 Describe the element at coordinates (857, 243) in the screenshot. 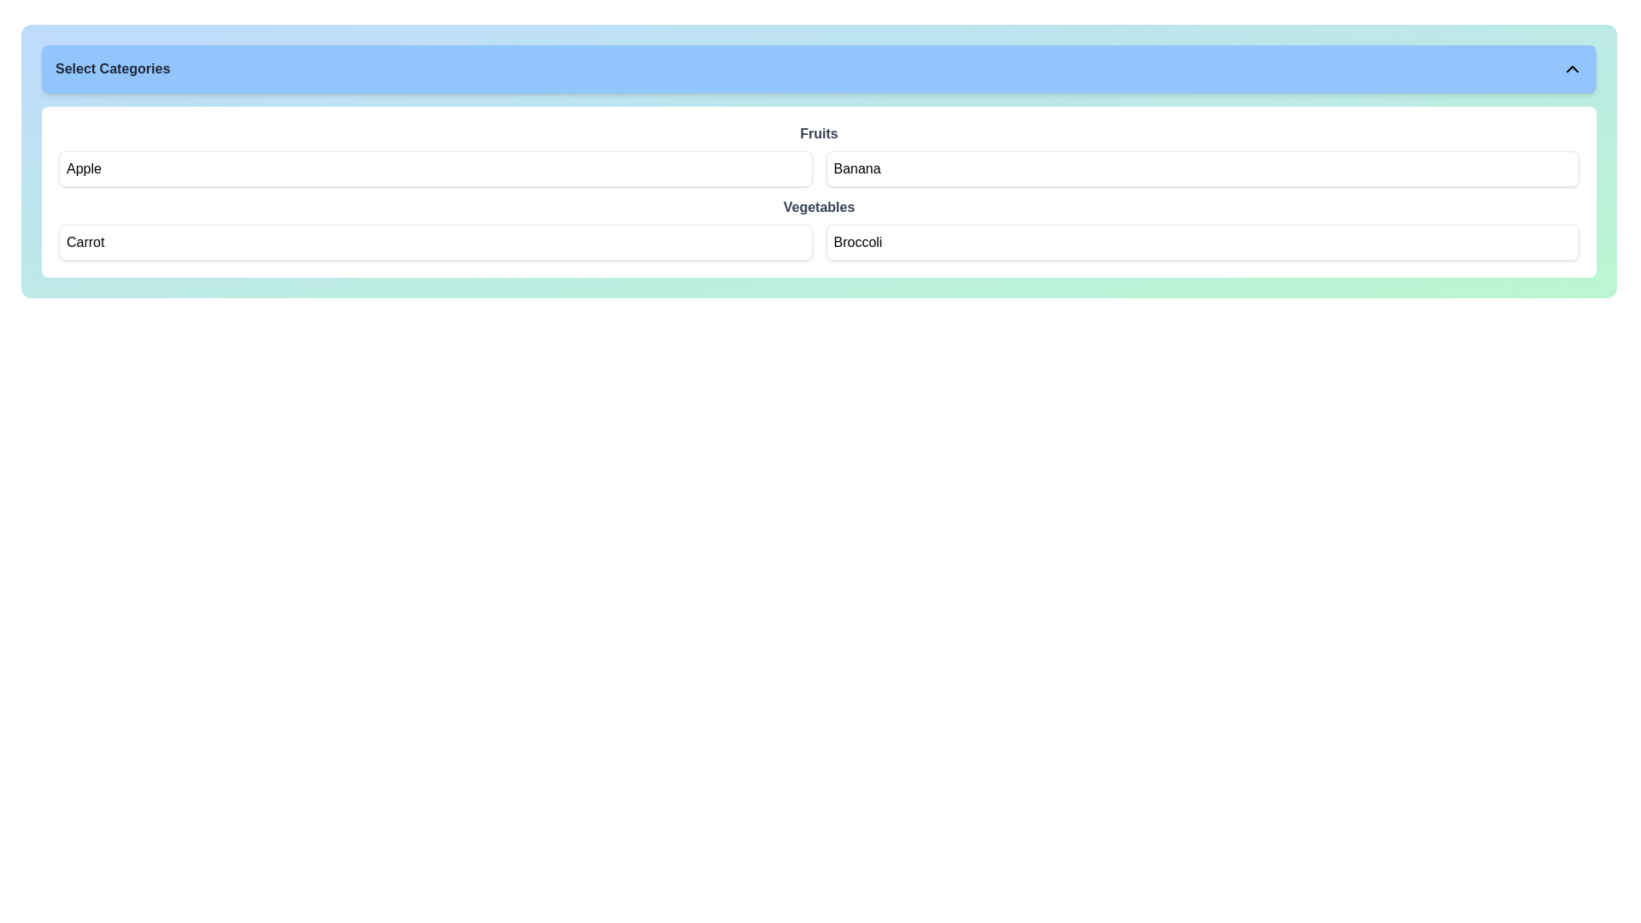

I see `the 'Broccoli' label, which is located under the 'Vegetables' category and` at that location.